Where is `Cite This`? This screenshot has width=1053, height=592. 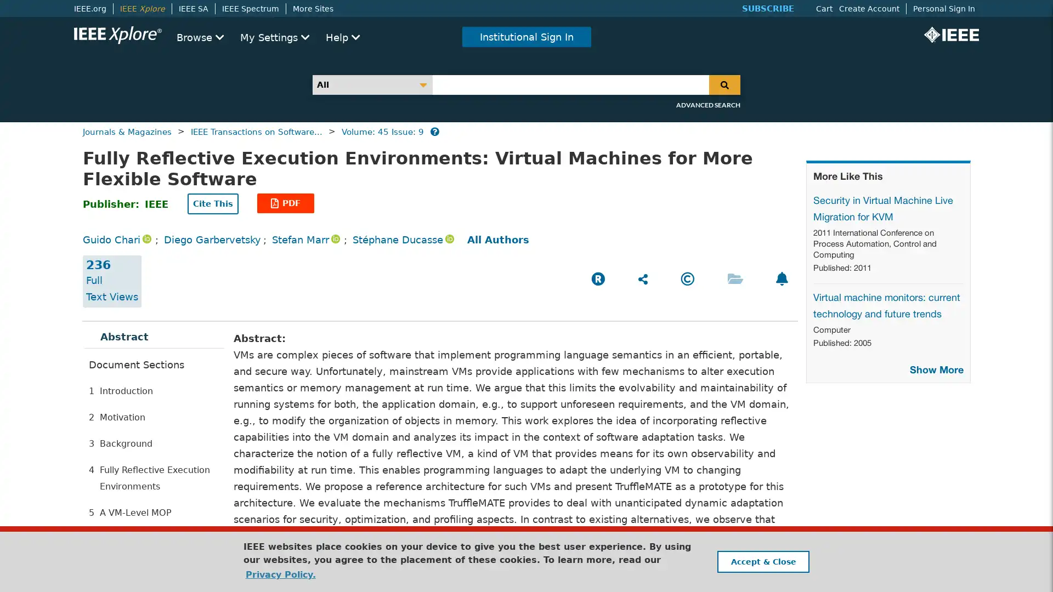 Cite This is located at coordinates (213, 203).